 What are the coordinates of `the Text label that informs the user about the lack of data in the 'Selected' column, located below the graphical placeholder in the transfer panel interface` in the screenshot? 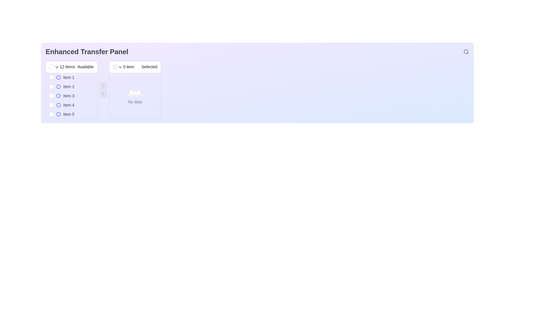 It's located at (134, 101).